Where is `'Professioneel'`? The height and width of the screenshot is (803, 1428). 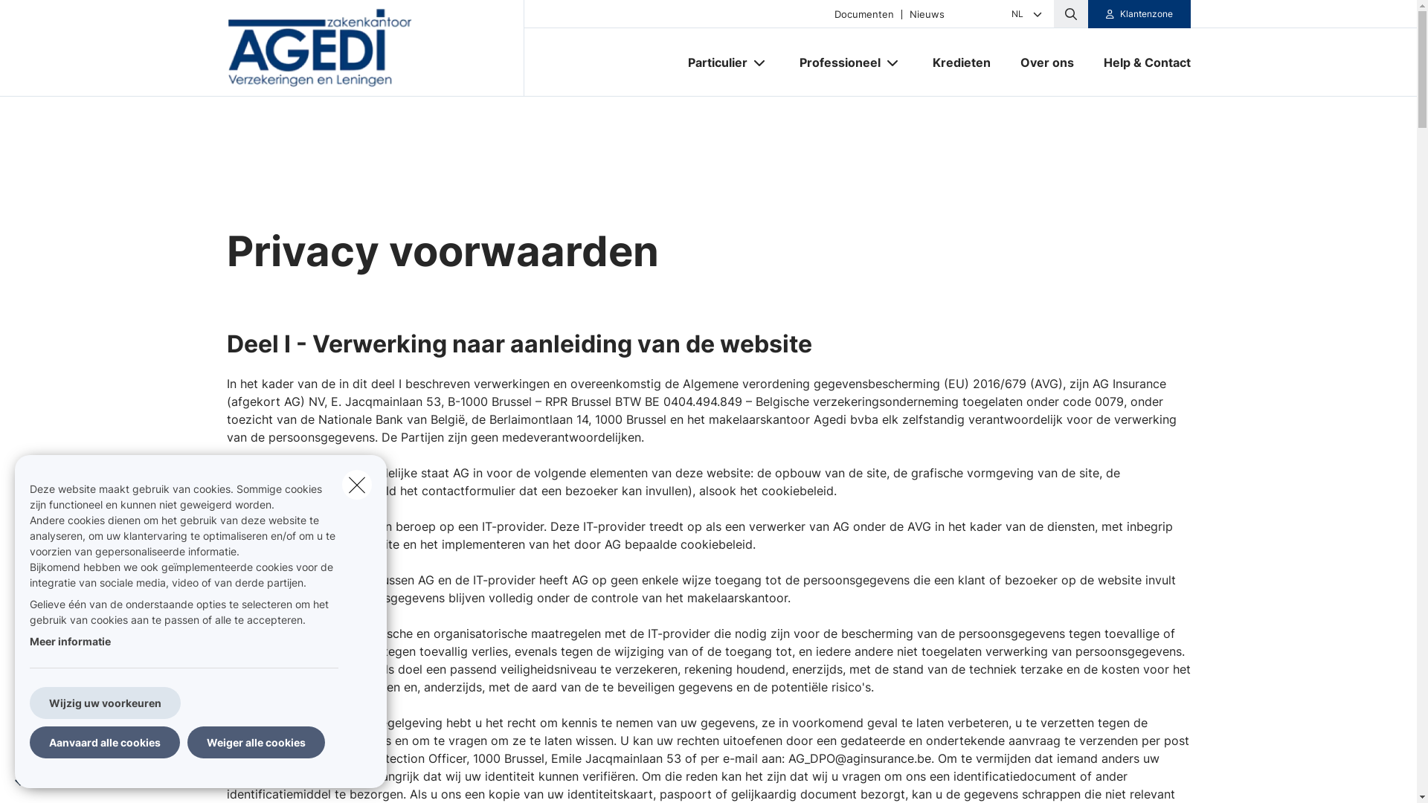 'Professioneel' is located at coordinates (783, 62).